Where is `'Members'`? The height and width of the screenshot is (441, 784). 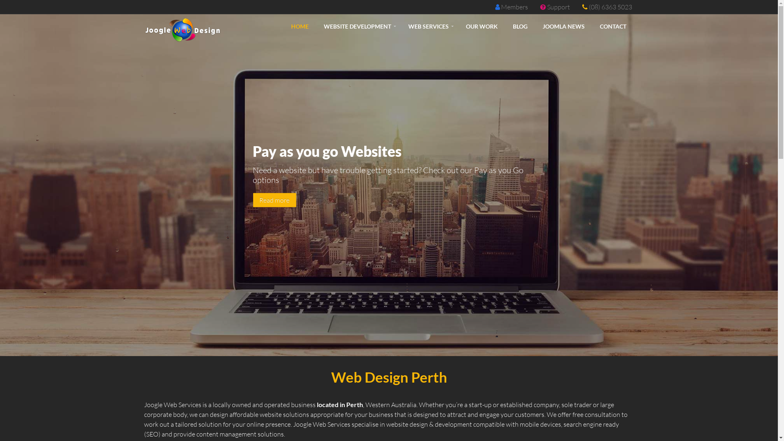
'Members' is located at coordinates (513, 7).